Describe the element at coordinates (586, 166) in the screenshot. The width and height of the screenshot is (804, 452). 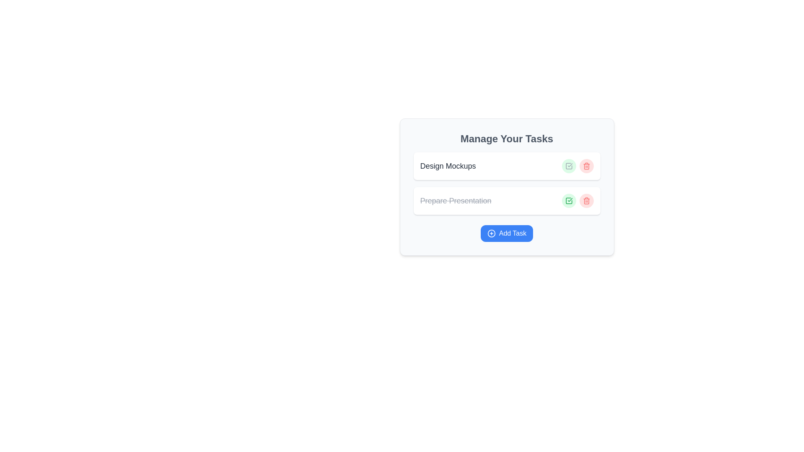
I see `the delete icon located to the right of the 'Design Mockups' task item` at that location.